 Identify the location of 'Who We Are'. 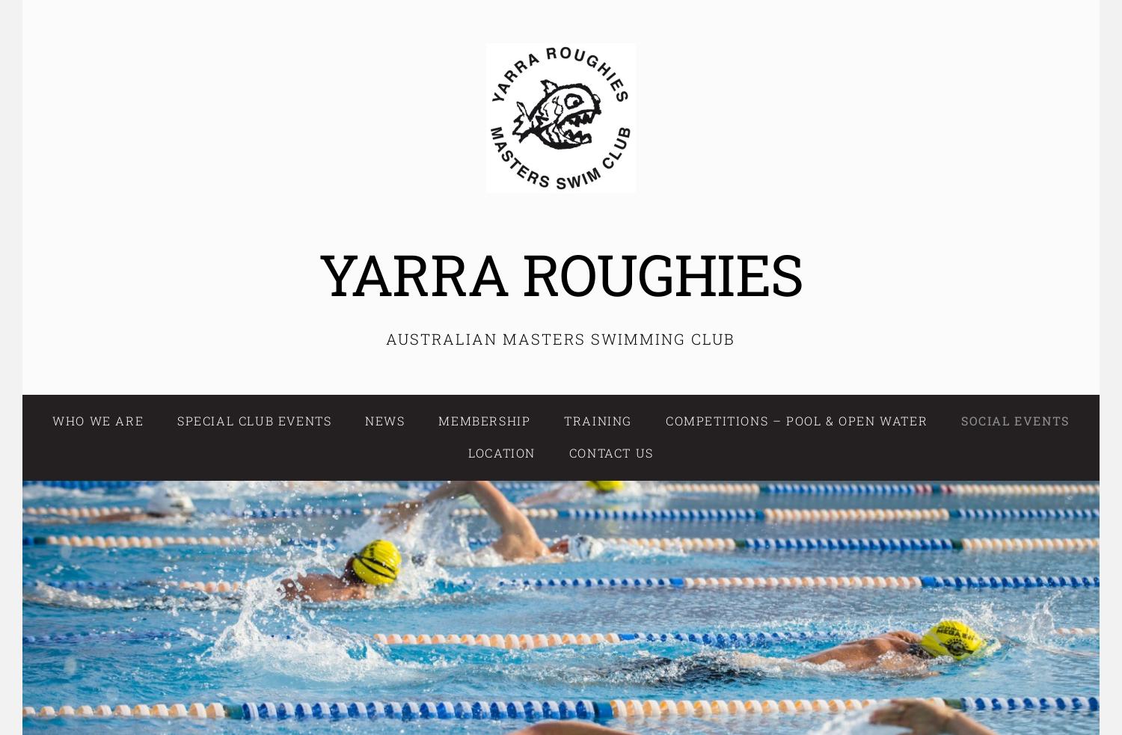
(97, 420).